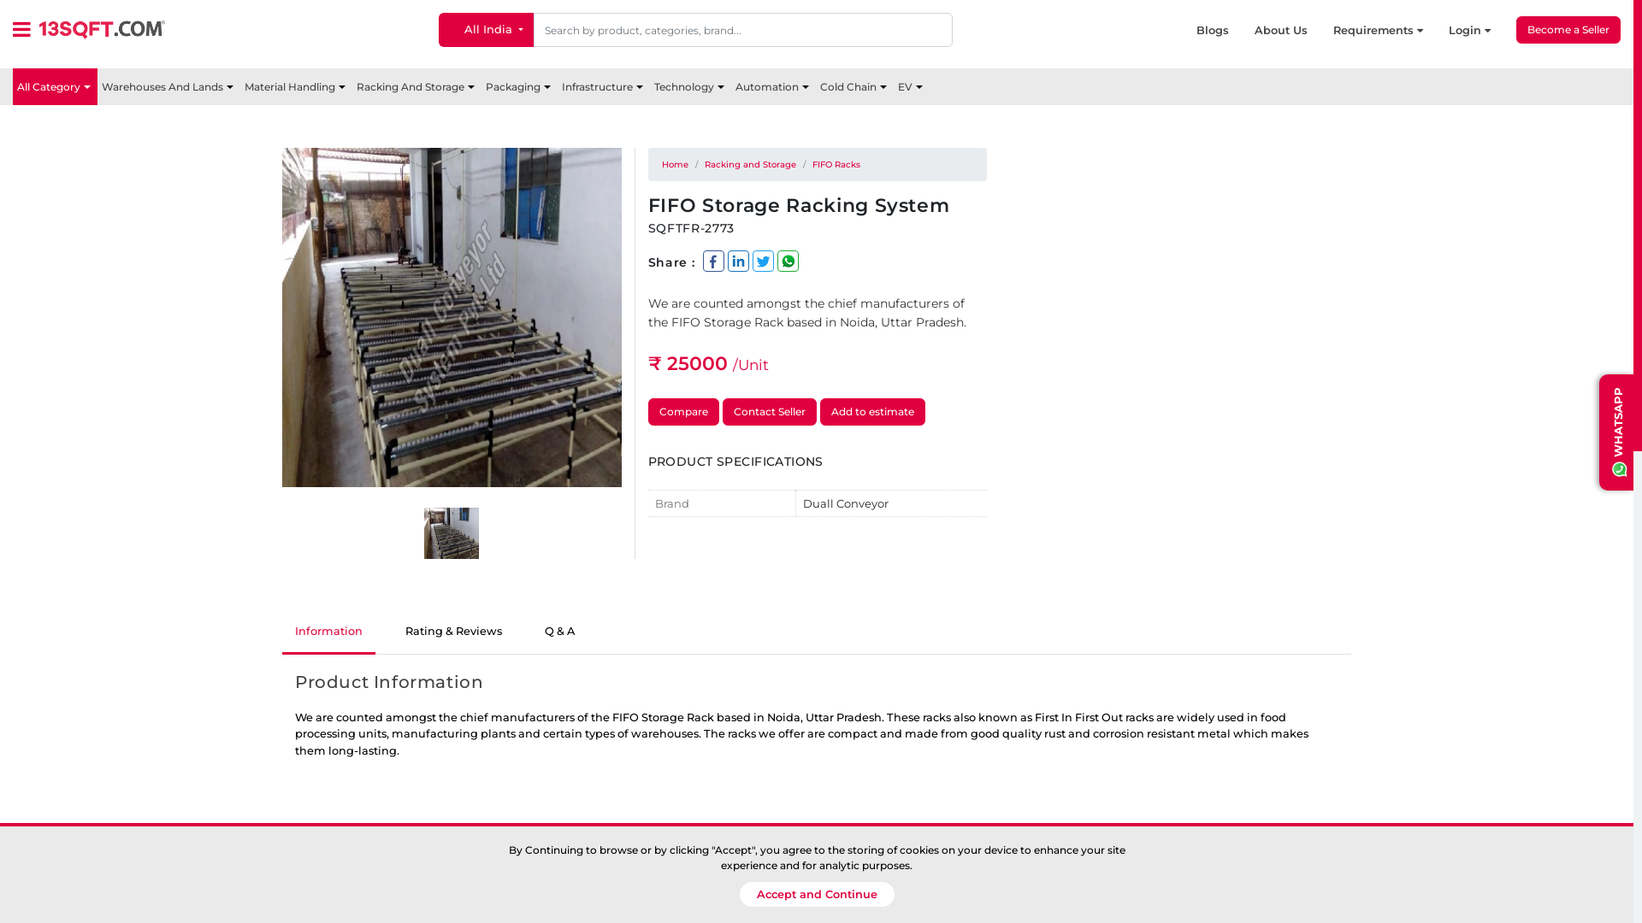 This screenshot has height=923, width=1642. Describe the element at coordinates (416, 86) in the screenshot. I see `'Racking And Storage'` at that location.